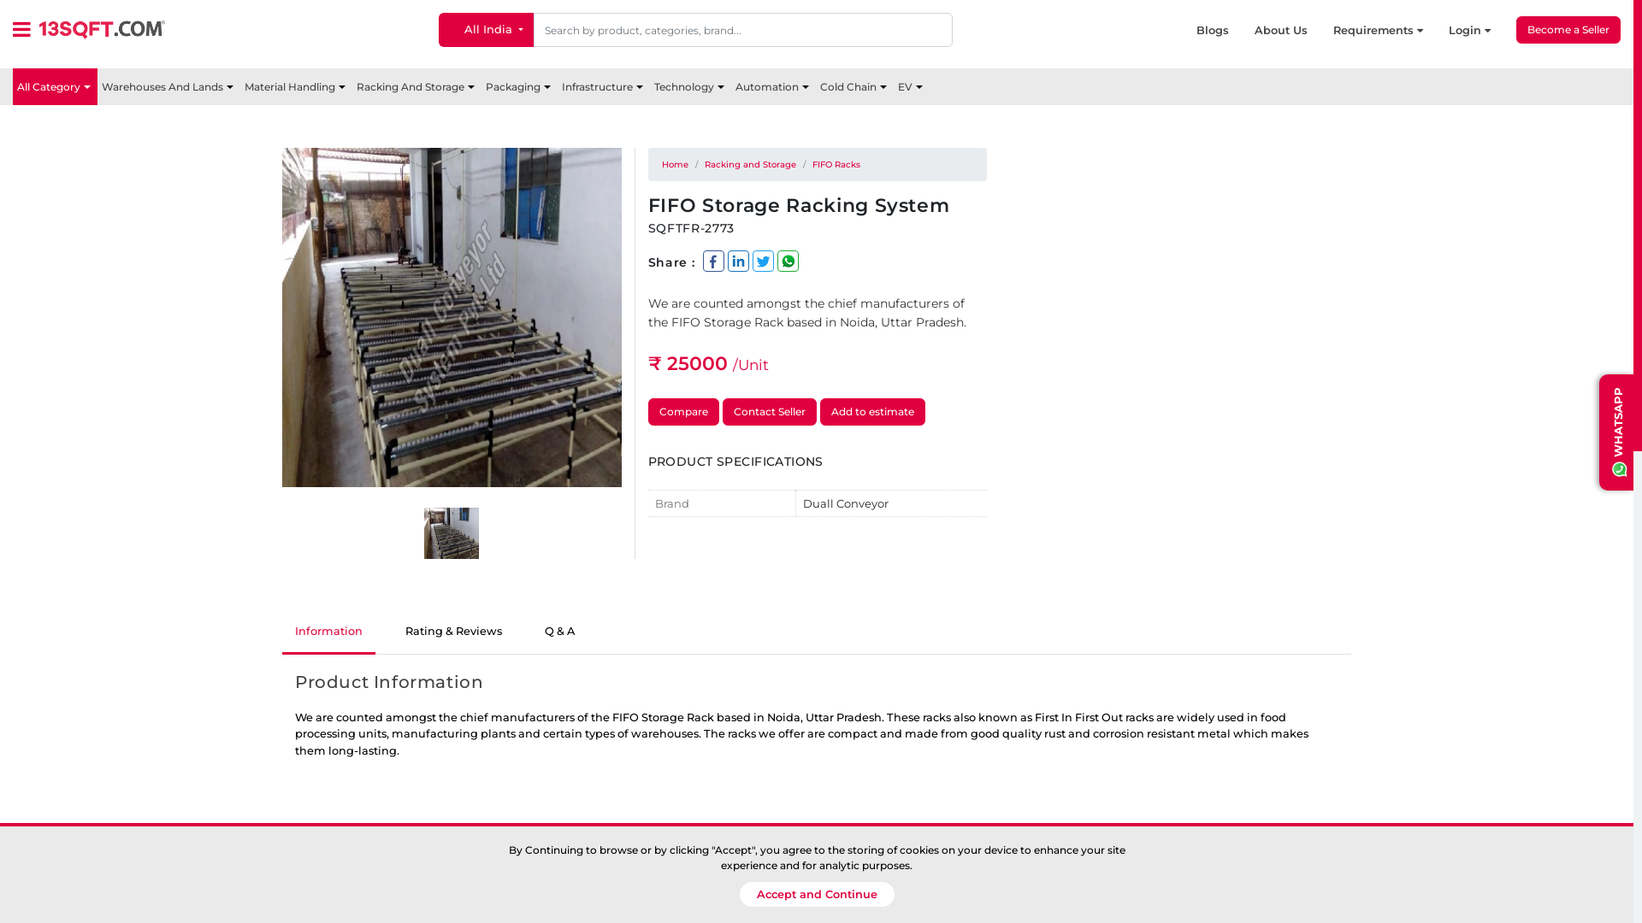 This screenshot has height=923, width=1642. Describe the element at coordinates (416, 86) in the screenshot. I see `'Racking And Storage'` at that location.